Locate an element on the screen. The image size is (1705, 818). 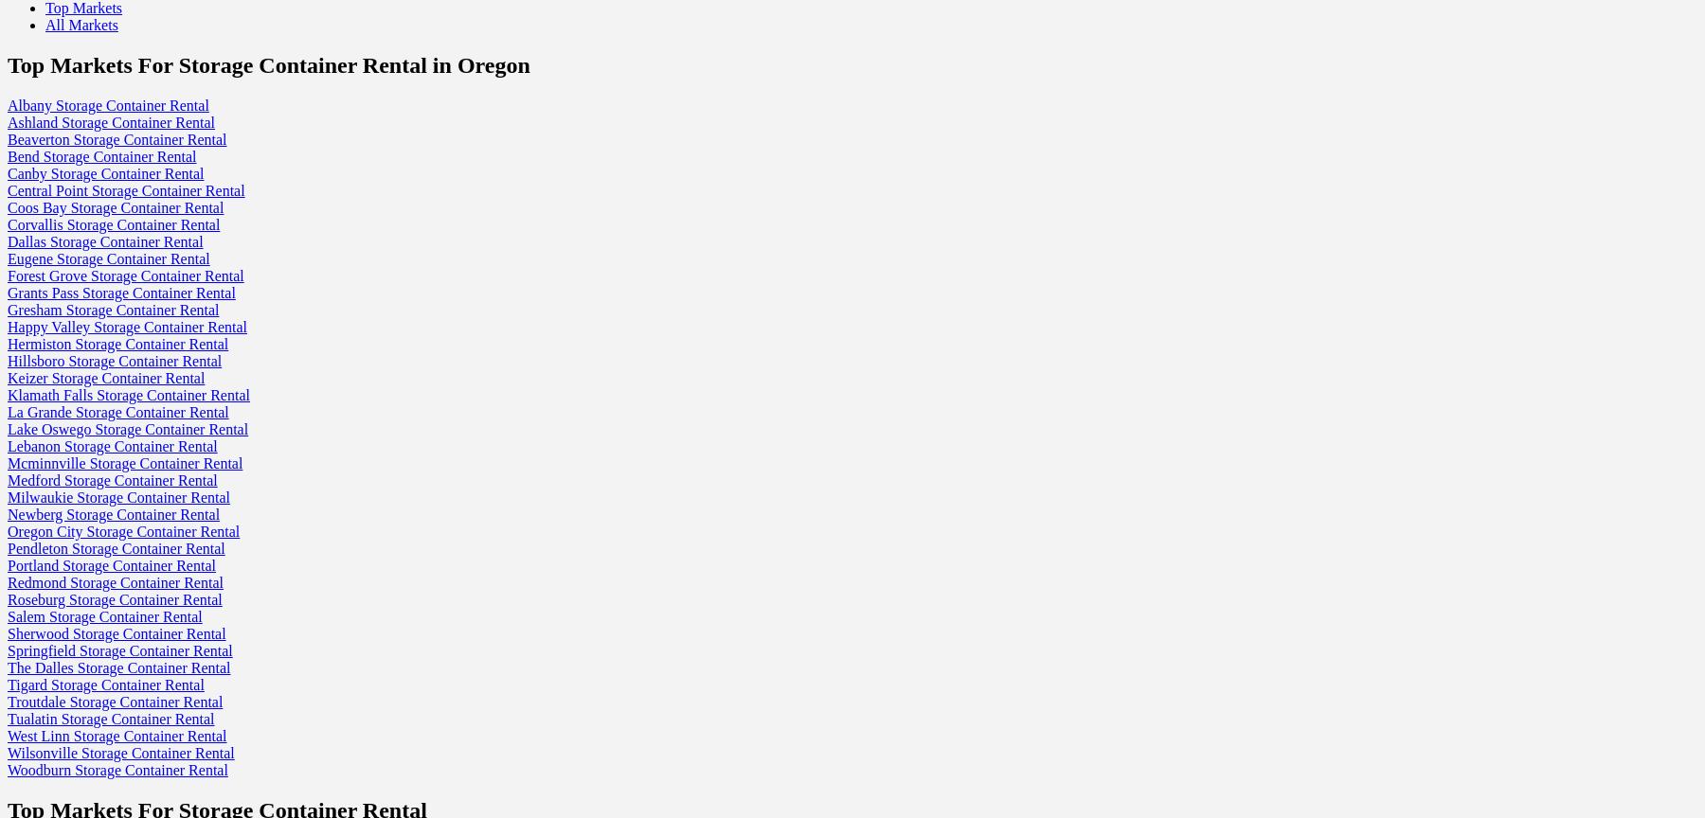
'Albany Storage Container Rental' is located at coordinates (6, 103).